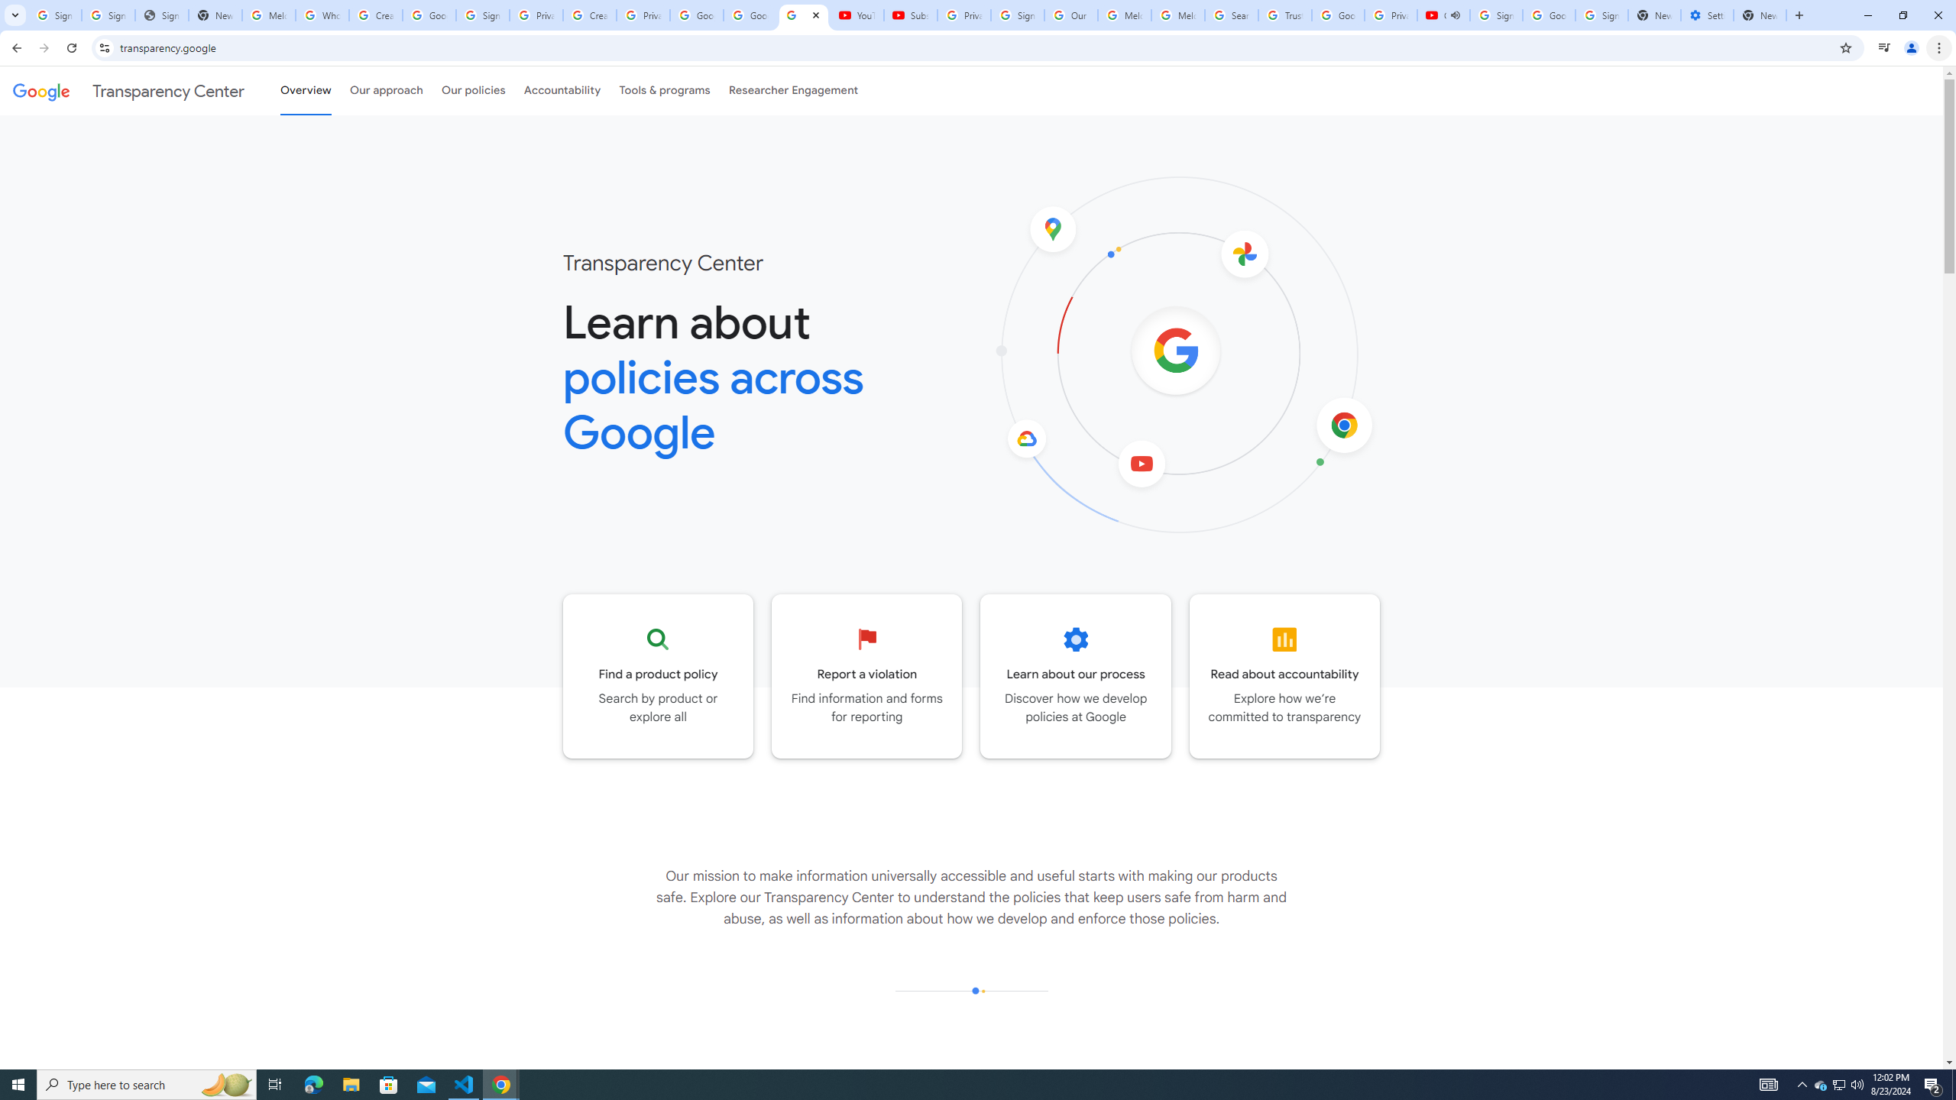  I want to click on 'Transparency Center', so click(128, 90).